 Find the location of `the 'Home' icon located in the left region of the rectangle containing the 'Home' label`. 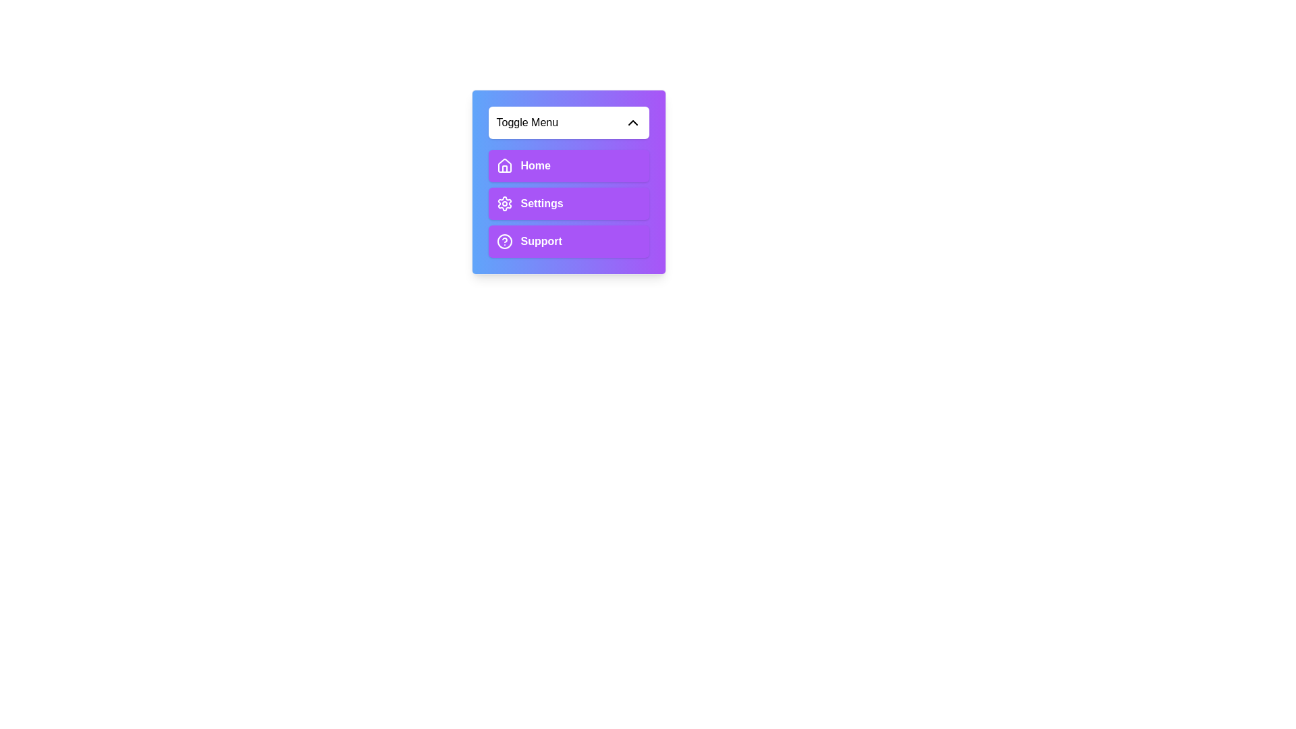

the 'Home' icon located in the left region of the rectangle containing the 'Home' label is located at coordinates (504, 168).